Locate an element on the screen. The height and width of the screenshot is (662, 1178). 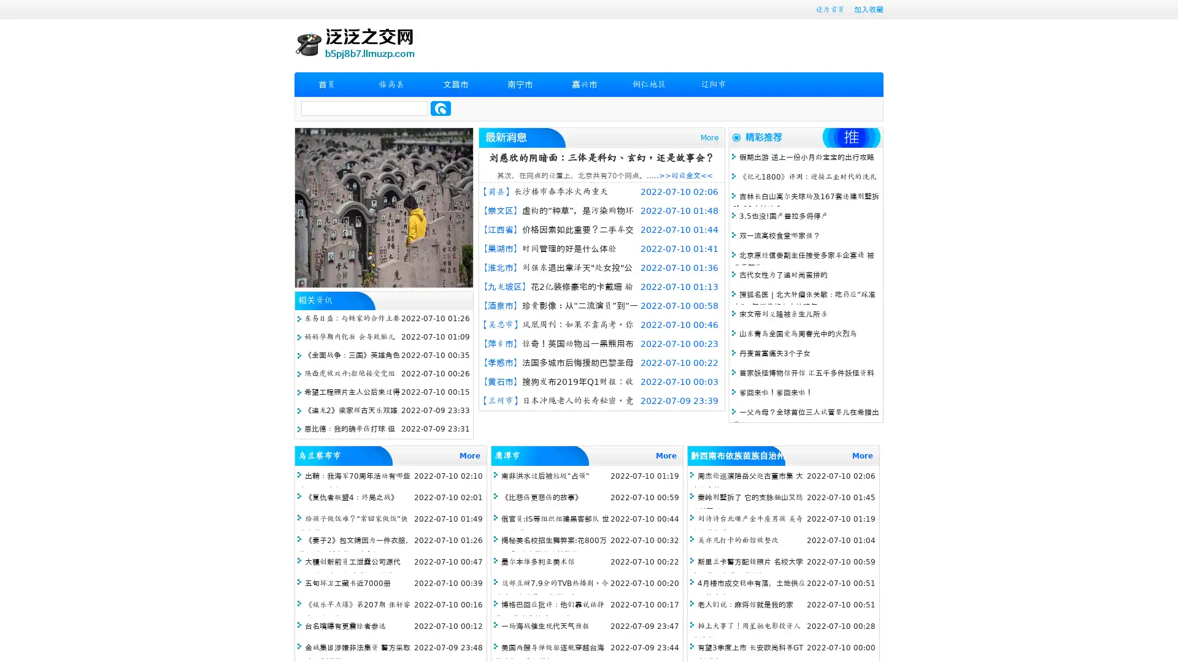
Search is located at coordinates (441, 108).